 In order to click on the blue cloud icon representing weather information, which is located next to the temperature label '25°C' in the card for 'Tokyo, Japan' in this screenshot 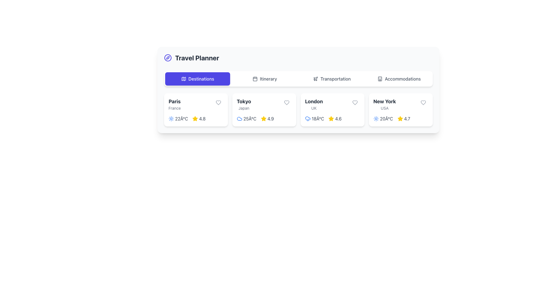, I will do `click(240, 118)`.